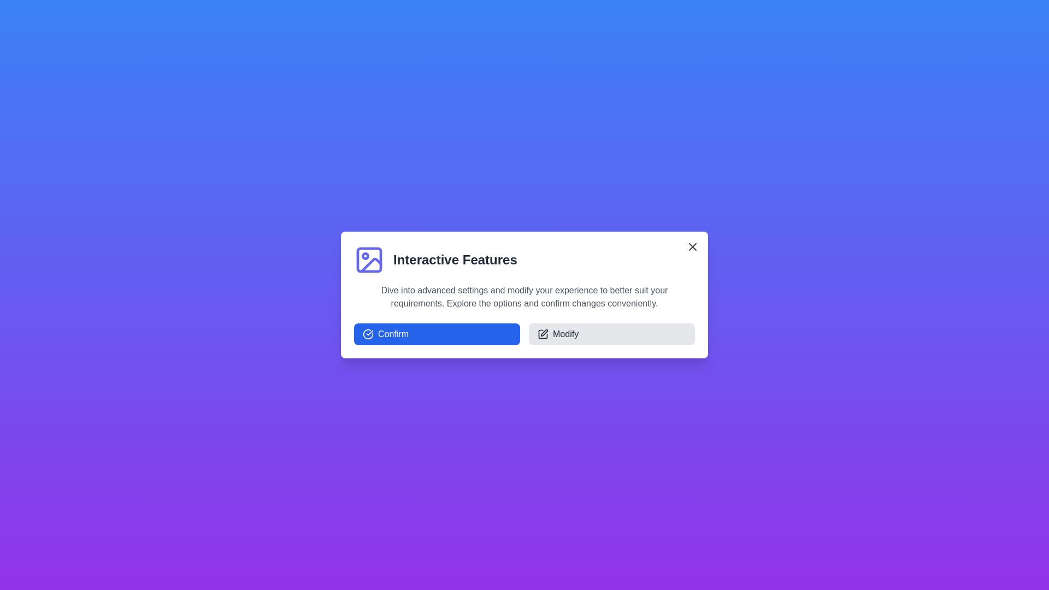 The image size is (1049, 590). What do you see at coordinates (369, 259) in the screenshot?
I see `the image icon to focus on it` at bounding box center [369, 259].